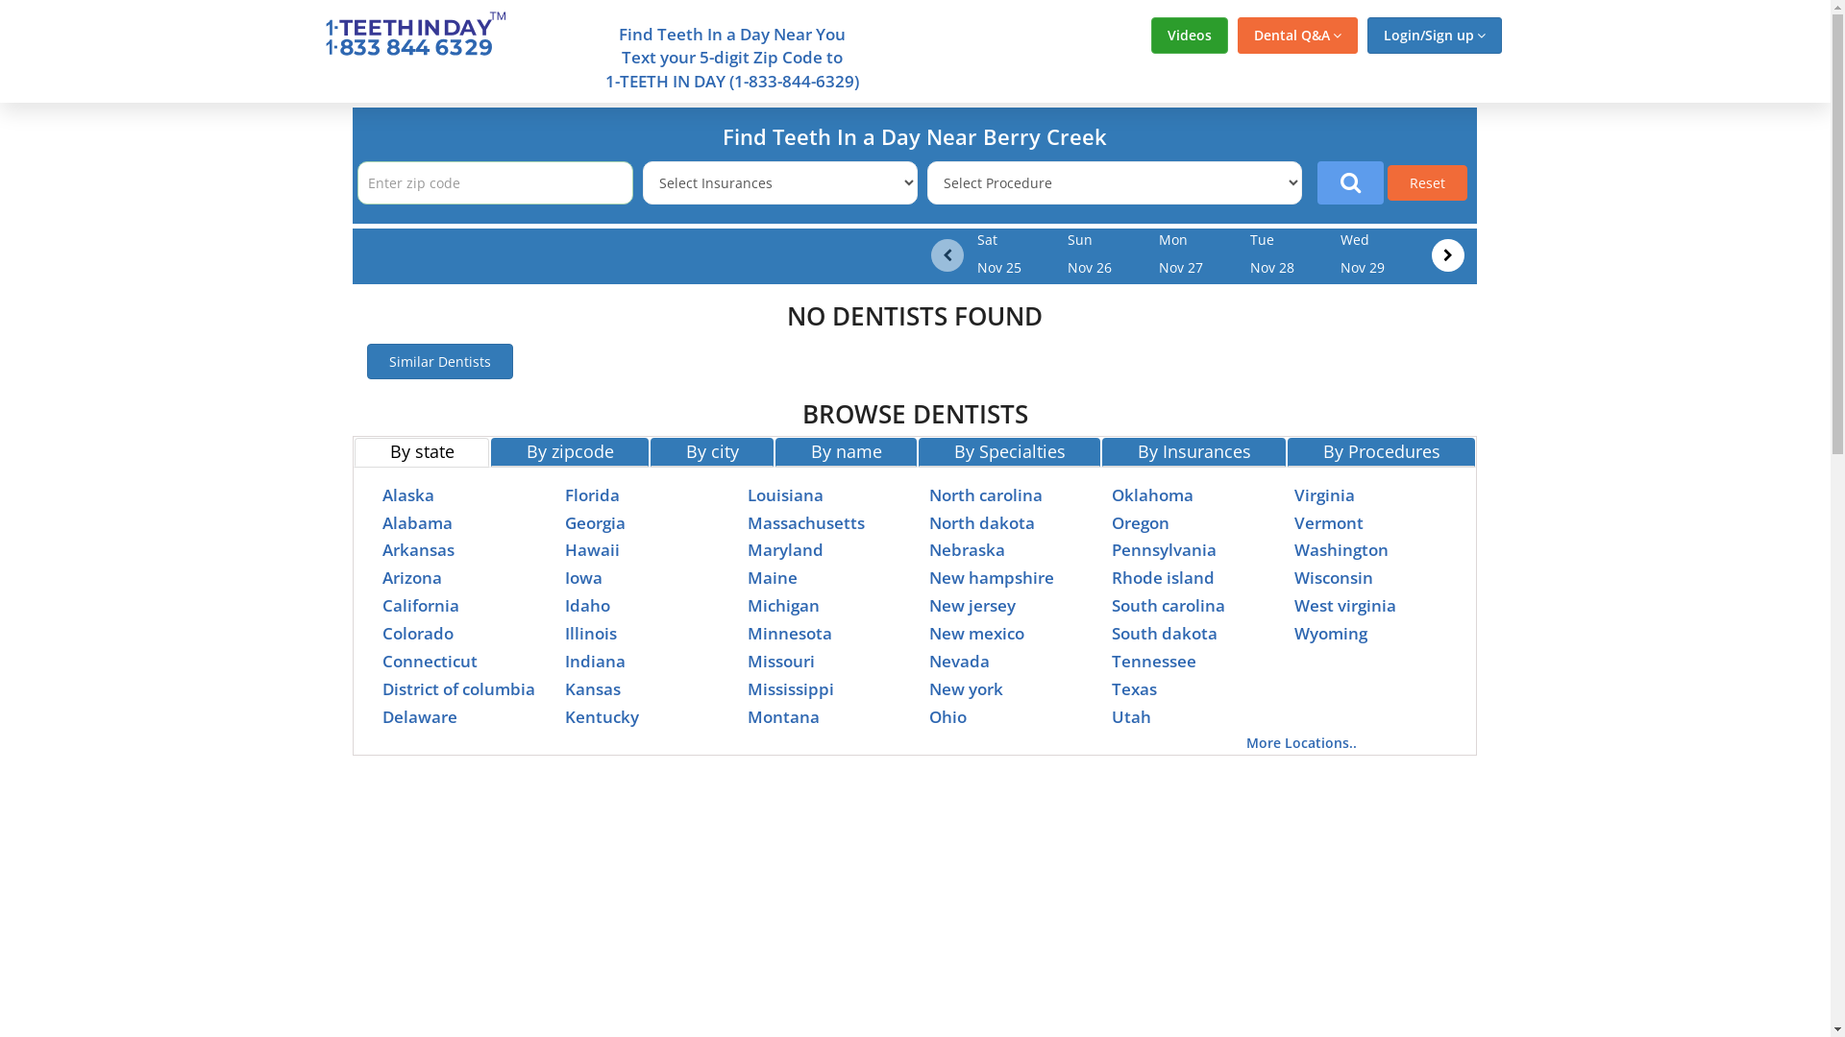  What do you see at coordinates (1134, 687) in the screenshot?
I see `'Texas'` at bounding box center [1134, 687].